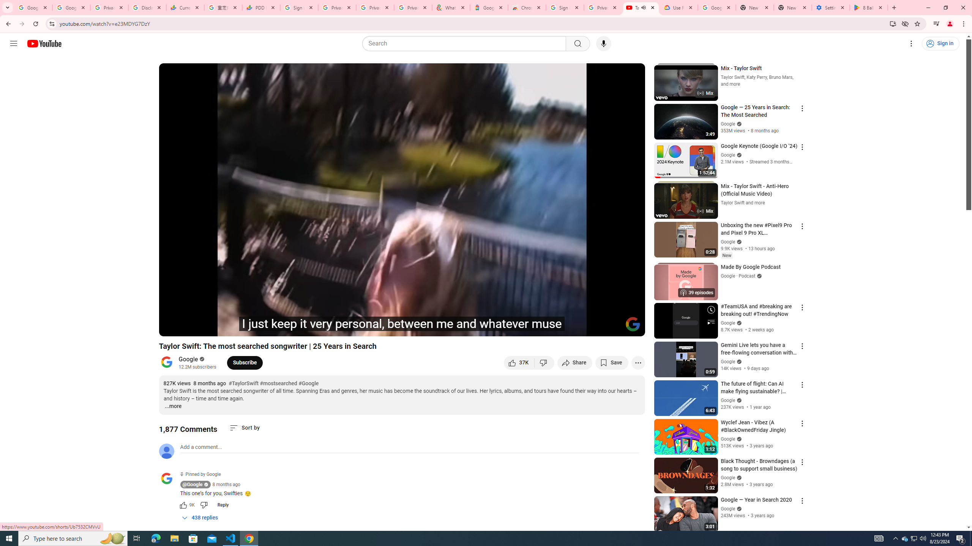  Describe the element at coordinates (169, 478) in the screenshot. I see `'@Google'` at that location.